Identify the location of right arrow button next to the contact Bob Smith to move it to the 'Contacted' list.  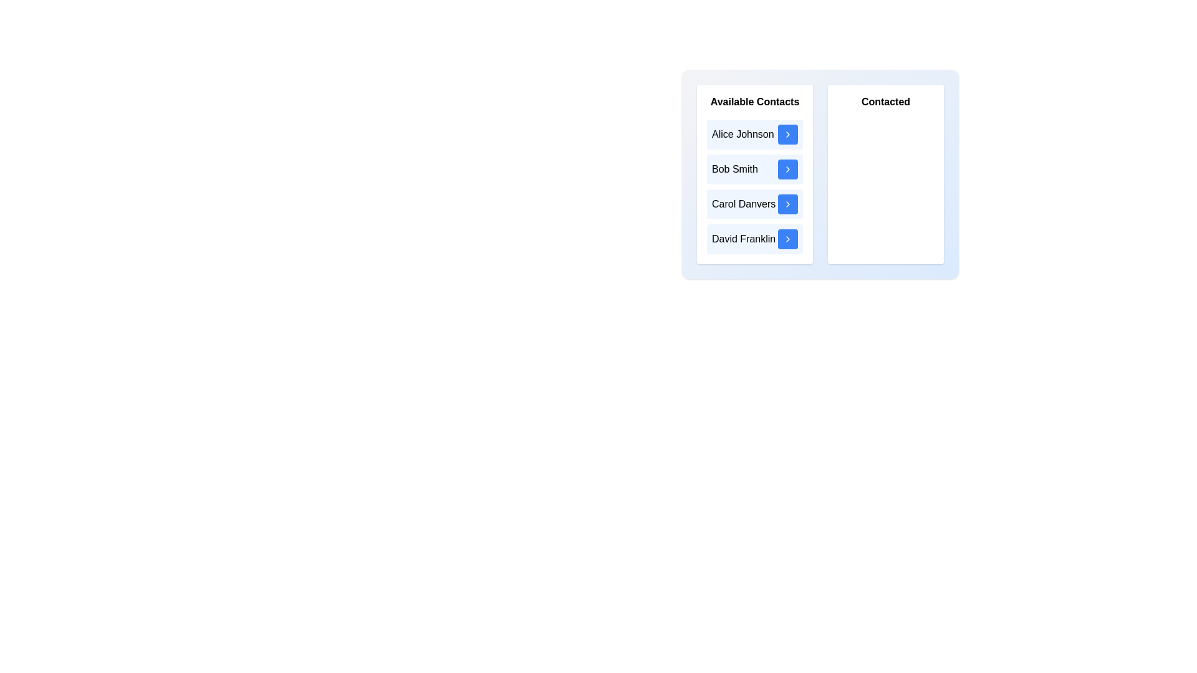
(787, 169).